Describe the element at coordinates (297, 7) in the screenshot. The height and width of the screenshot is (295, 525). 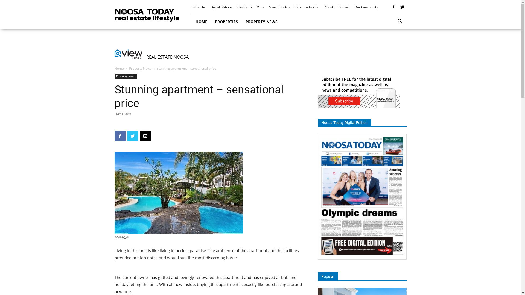
I see `'Kids'` at that location.